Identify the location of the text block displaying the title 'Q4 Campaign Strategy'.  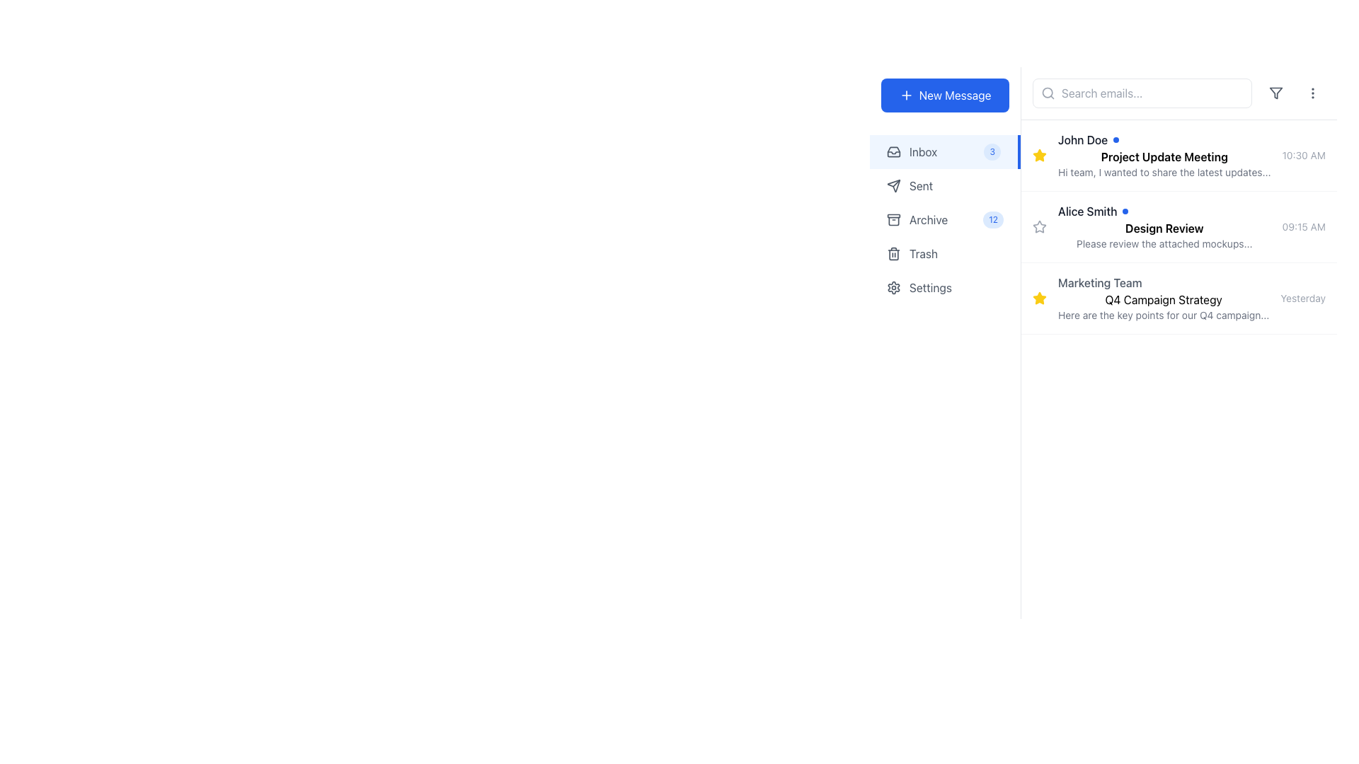
(1164, 297).